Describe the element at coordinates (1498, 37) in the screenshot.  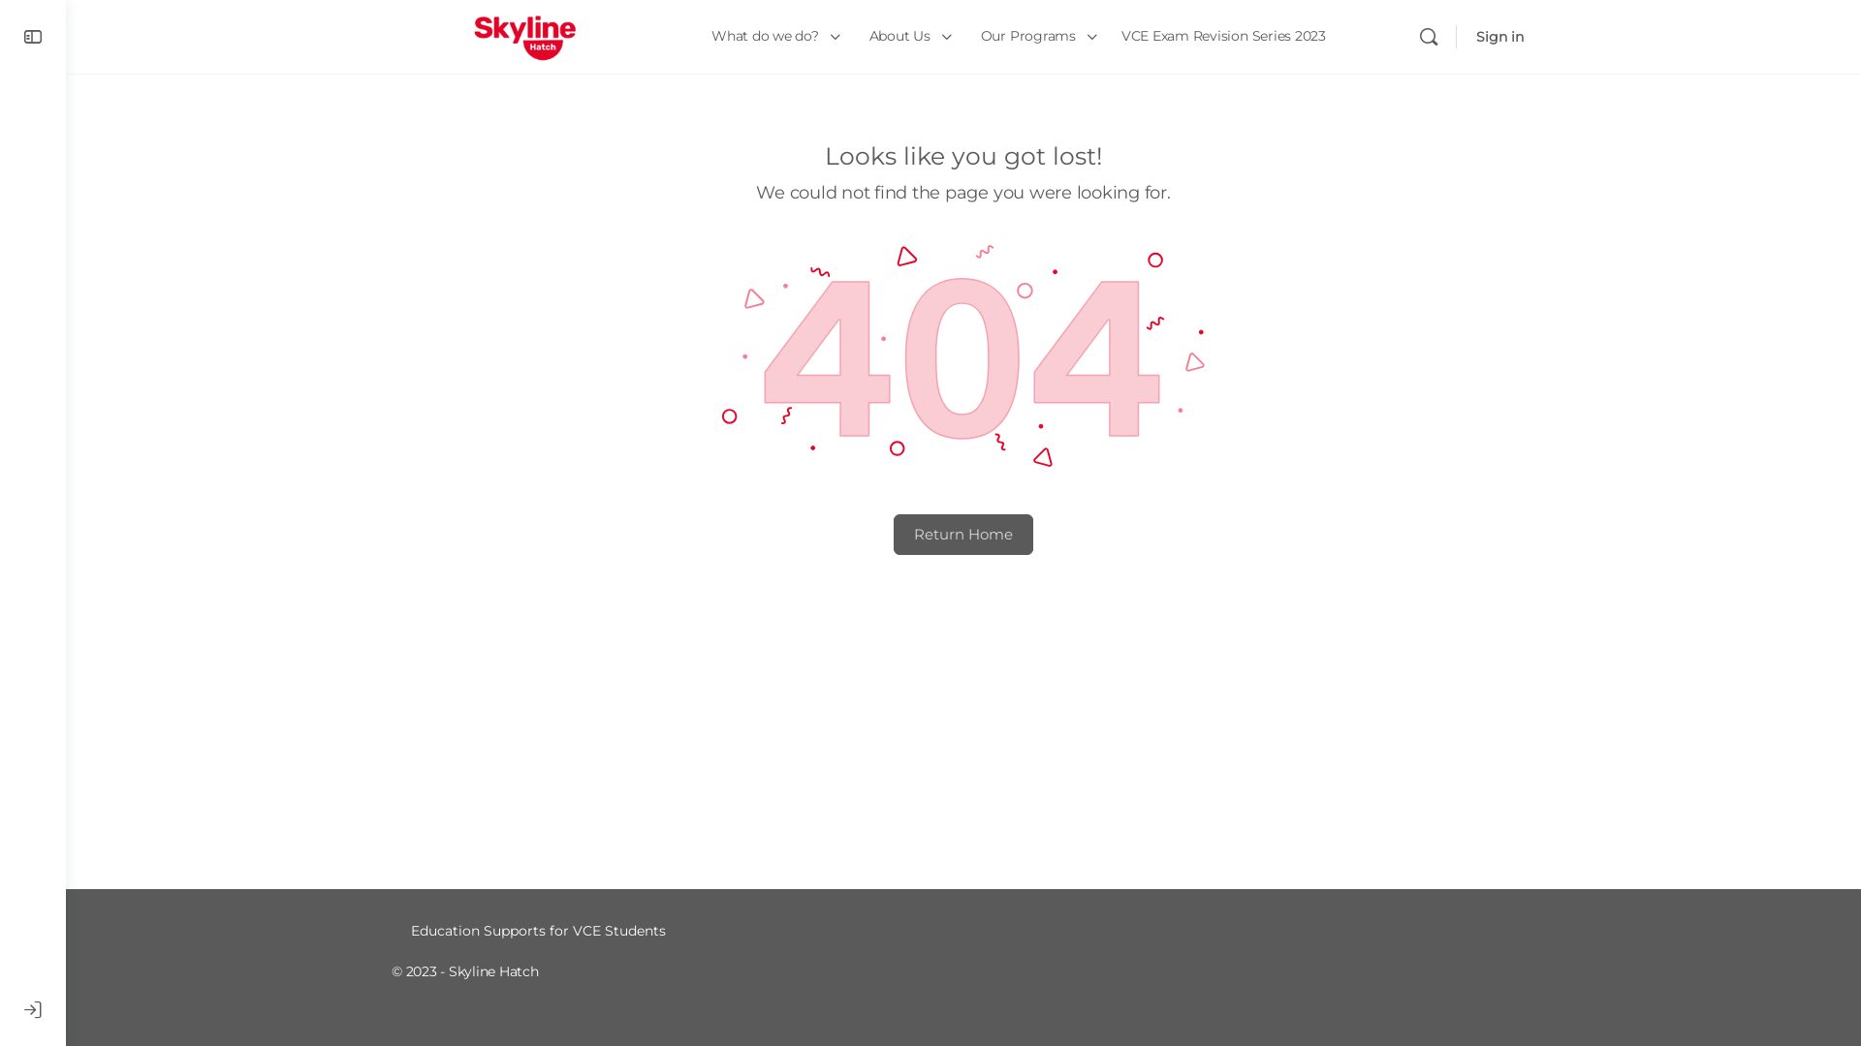
I see `'Sign in'` at that location.